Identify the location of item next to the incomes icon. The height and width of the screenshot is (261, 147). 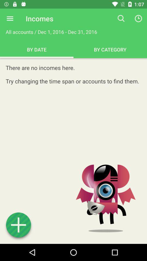
(10, 18).